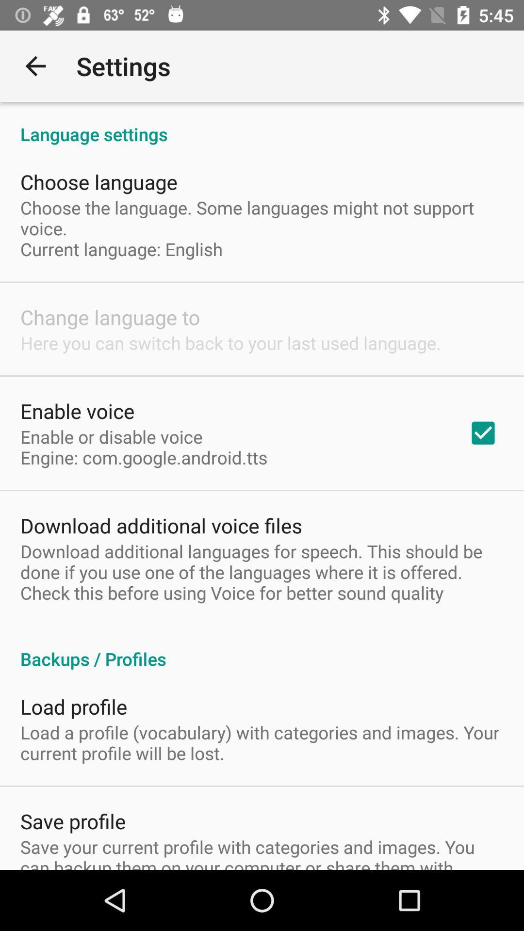 This screenshot has height=931, width=524. Describe the element at coordinates (262, 649) in the screenshot. I see `the item above load profile icon` at that location.